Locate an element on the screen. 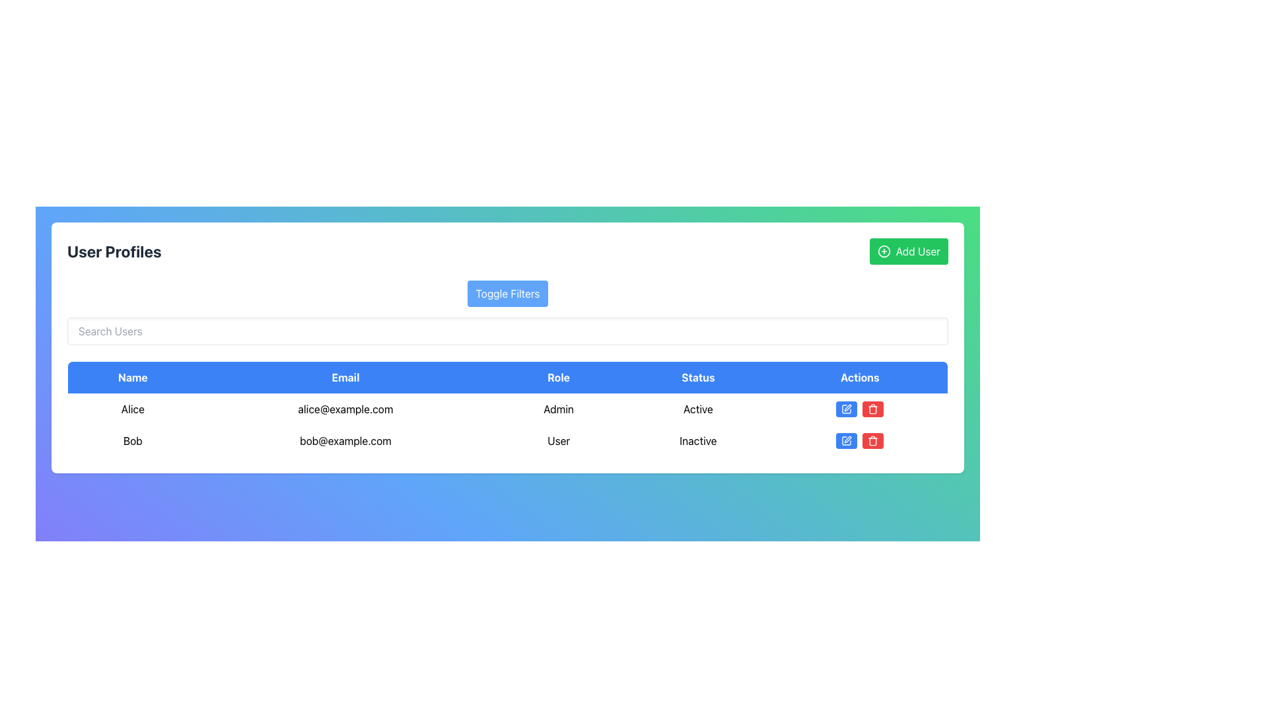  the text label indicating the current activity status of user 'Alice', which displays 'Active' under the 'Status' column in the user profiles table is located at coordinates (697, 409).